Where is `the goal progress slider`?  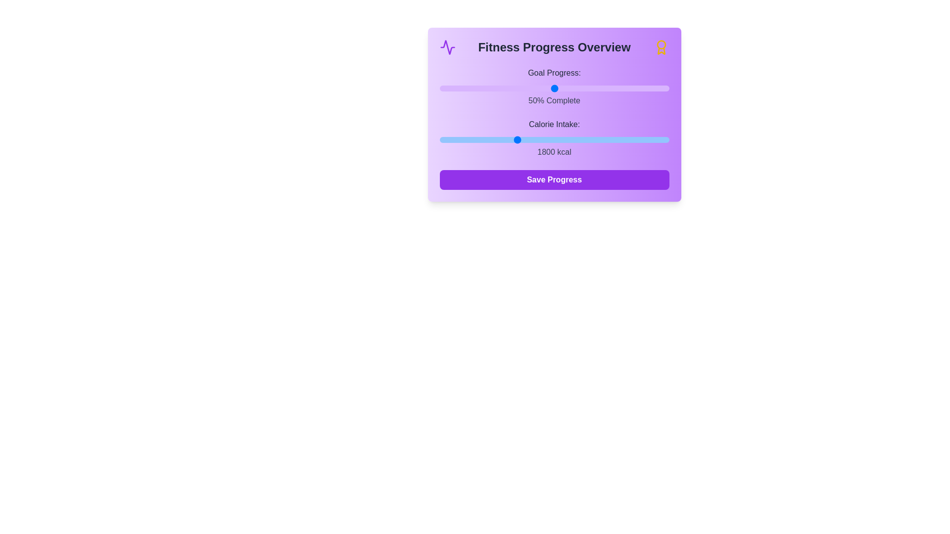
the goal progress slider is located at coordinates (524, 88).